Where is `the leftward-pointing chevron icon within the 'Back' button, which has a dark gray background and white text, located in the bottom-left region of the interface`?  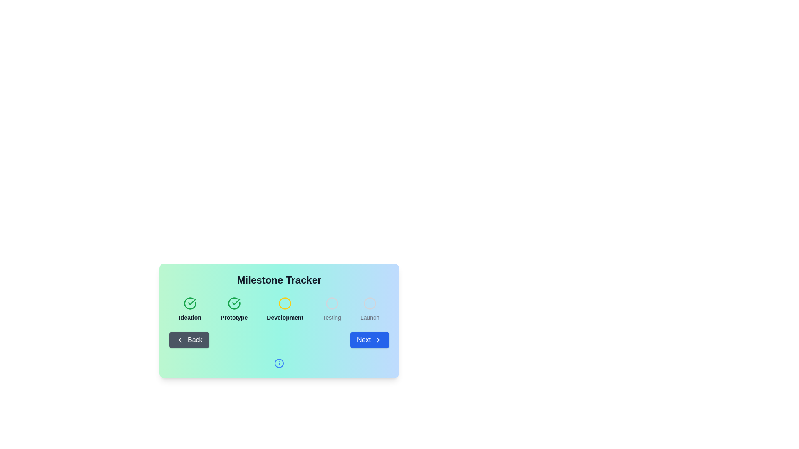
the leftward-pointing chevron icon within the 'Back' button, which has a dark gray background and white text, located in the bottom-left region of the interface is located at coordinates (179, 340).